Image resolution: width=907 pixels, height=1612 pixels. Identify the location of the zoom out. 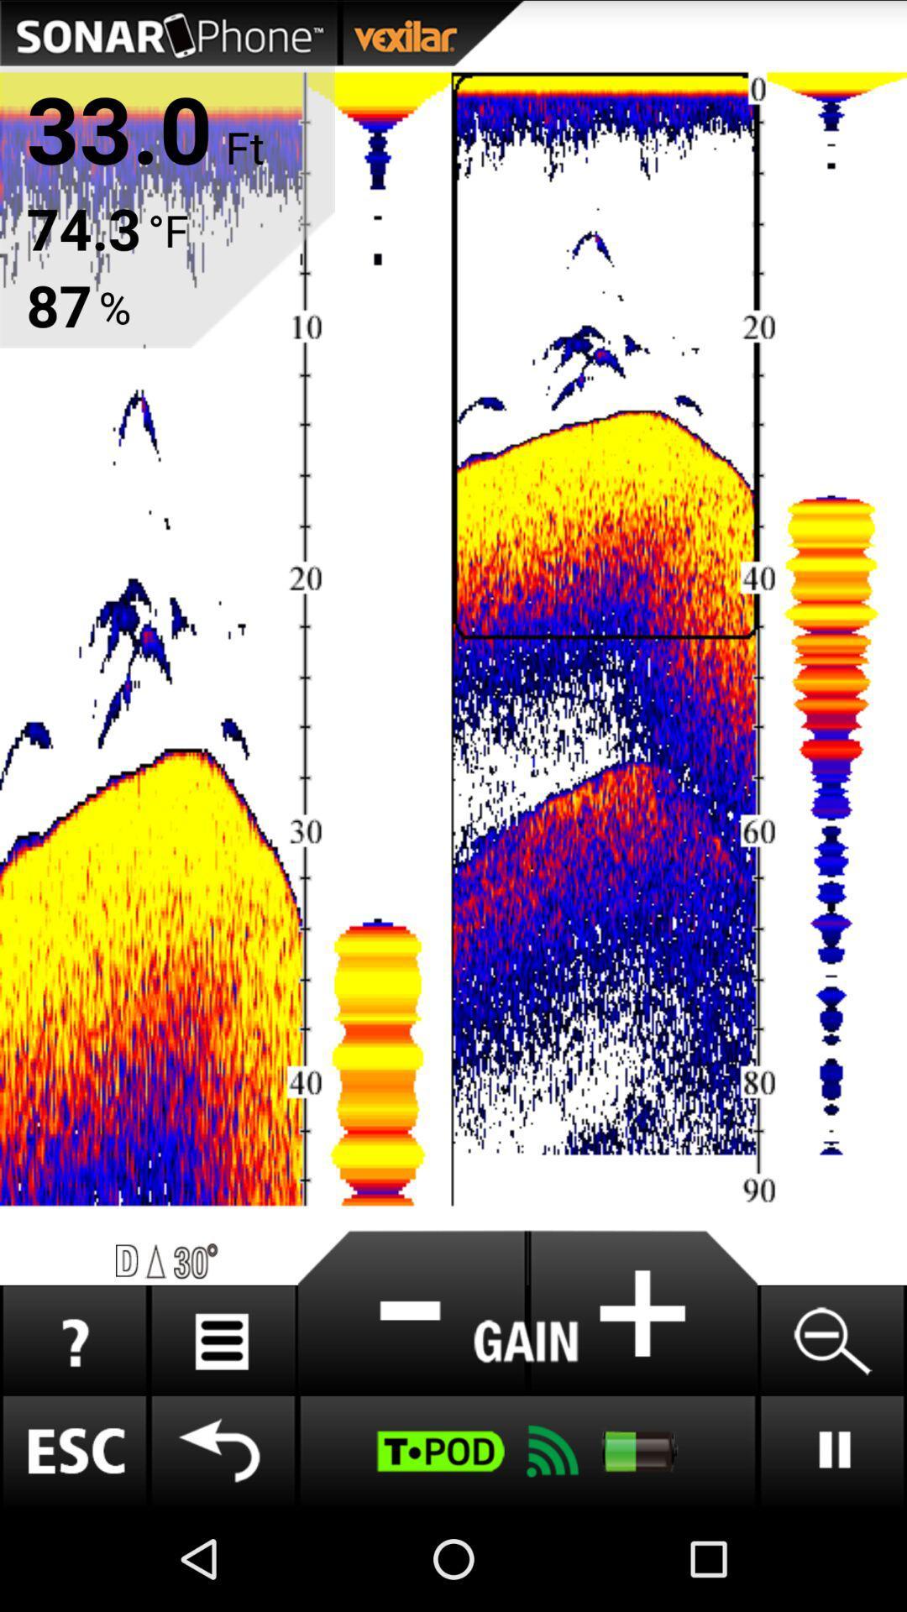
(831, 1340).